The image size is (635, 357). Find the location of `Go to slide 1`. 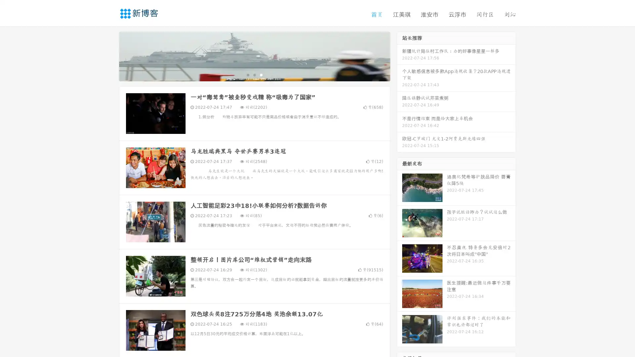

Go to slide 1 is located at coordinates (247, 74).